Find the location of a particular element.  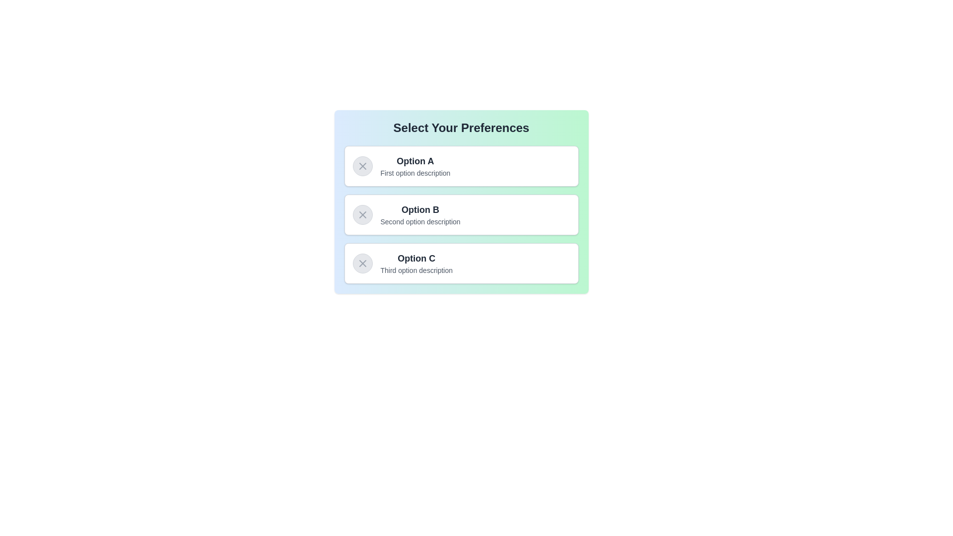

the second selectable list item in the preference selection interface, located between 'Option A' and 'Option C' is located at coordinates (461, 214).